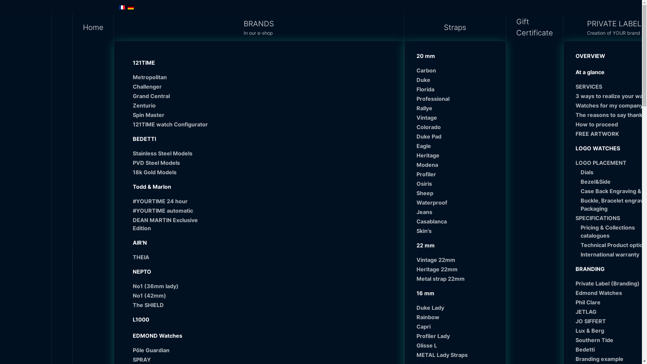  I want to click on 'Gift Certificate', so click(534, 27).